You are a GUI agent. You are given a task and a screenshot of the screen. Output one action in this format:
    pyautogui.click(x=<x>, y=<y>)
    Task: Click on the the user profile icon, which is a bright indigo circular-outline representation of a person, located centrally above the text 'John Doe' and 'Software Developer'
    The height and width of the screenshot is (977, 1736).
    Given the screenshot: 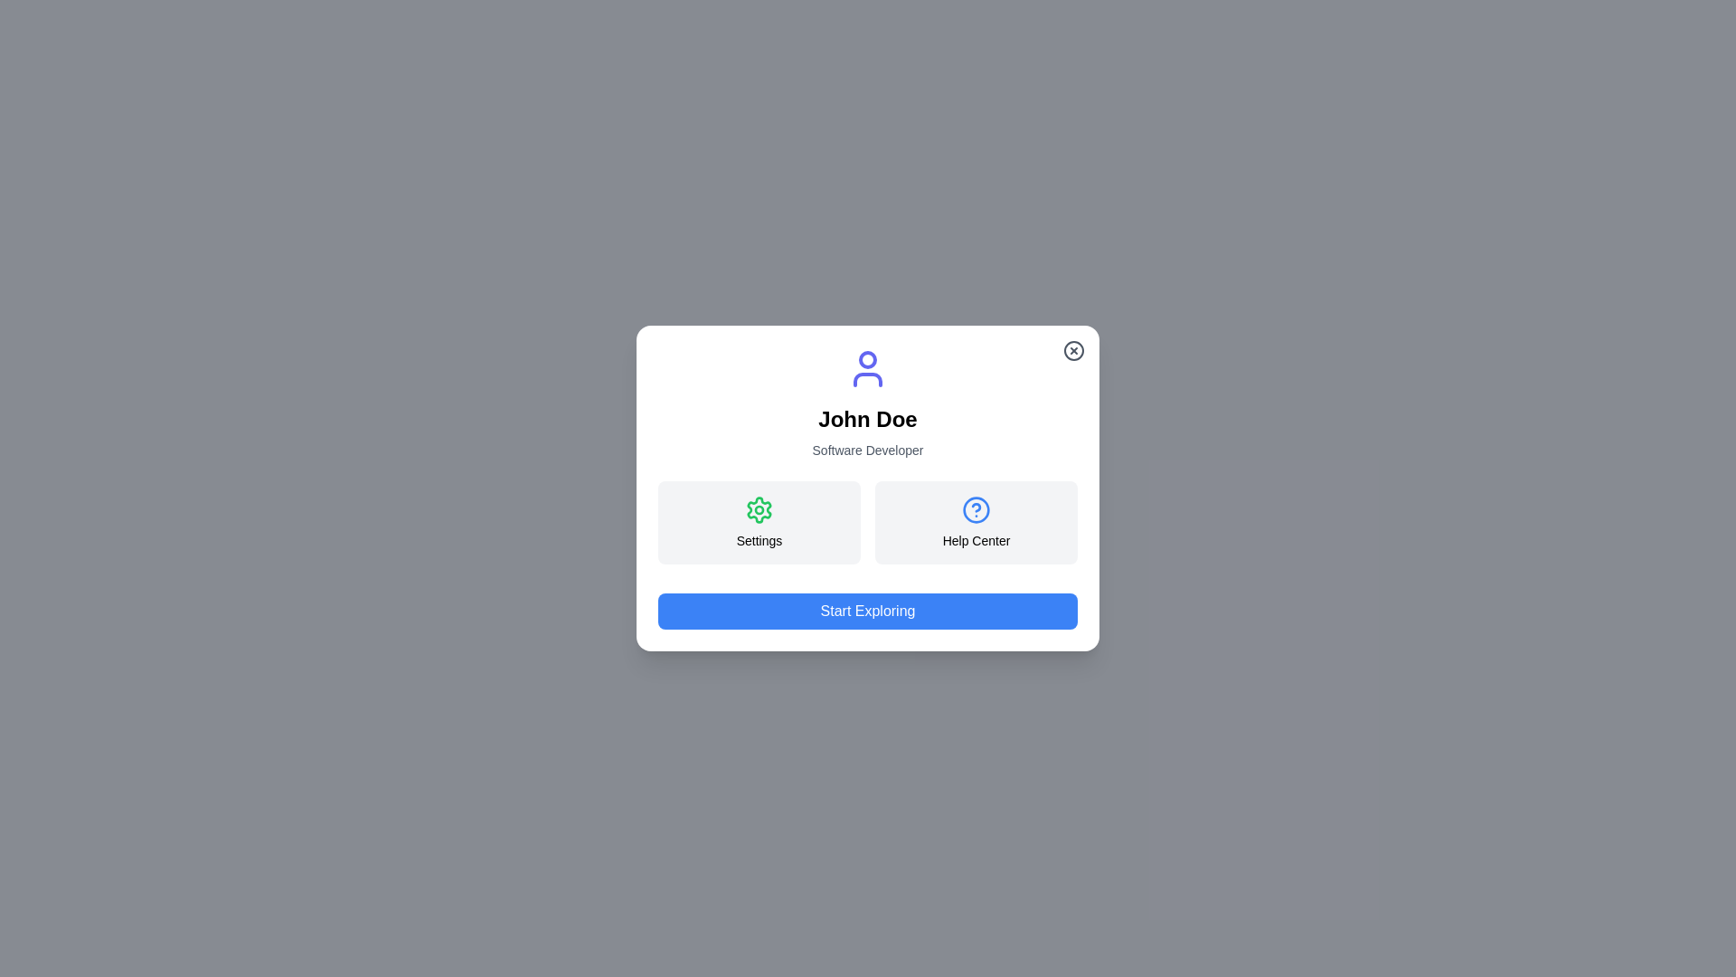 What is the action you would take?
    pyautogui.click(x=868, y=368)
    